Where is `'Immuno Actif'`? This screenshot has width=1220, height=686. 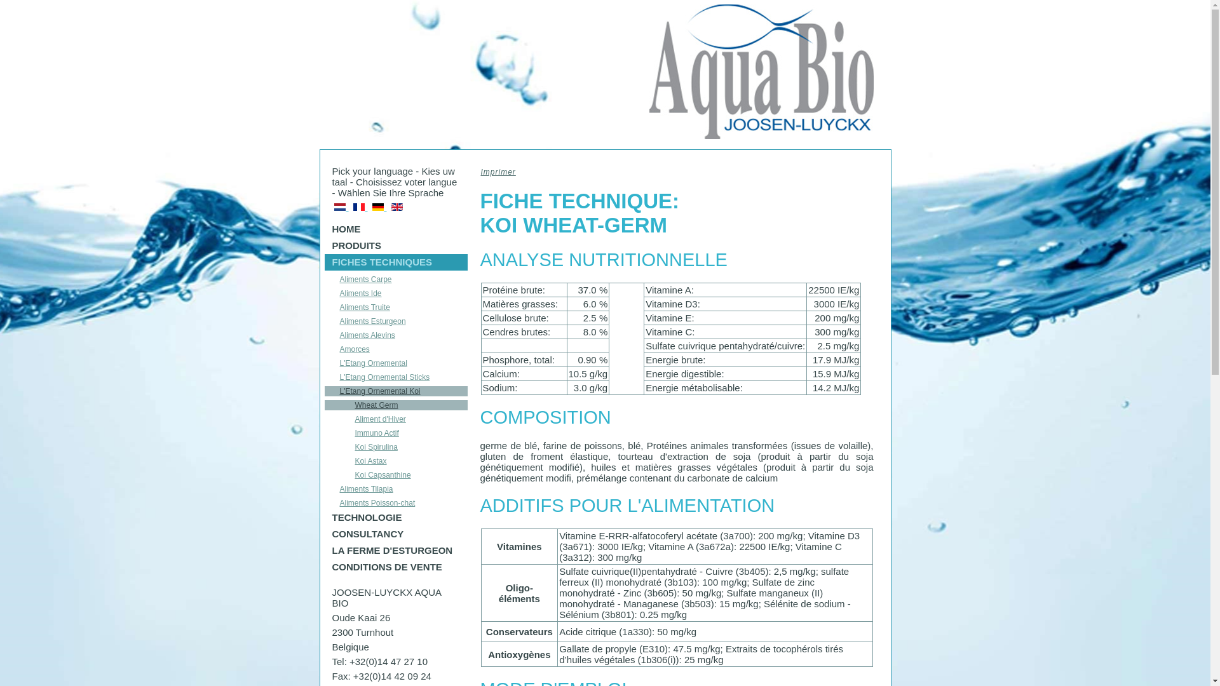
'Immuno Actif' is located at coordinates (395, 433).